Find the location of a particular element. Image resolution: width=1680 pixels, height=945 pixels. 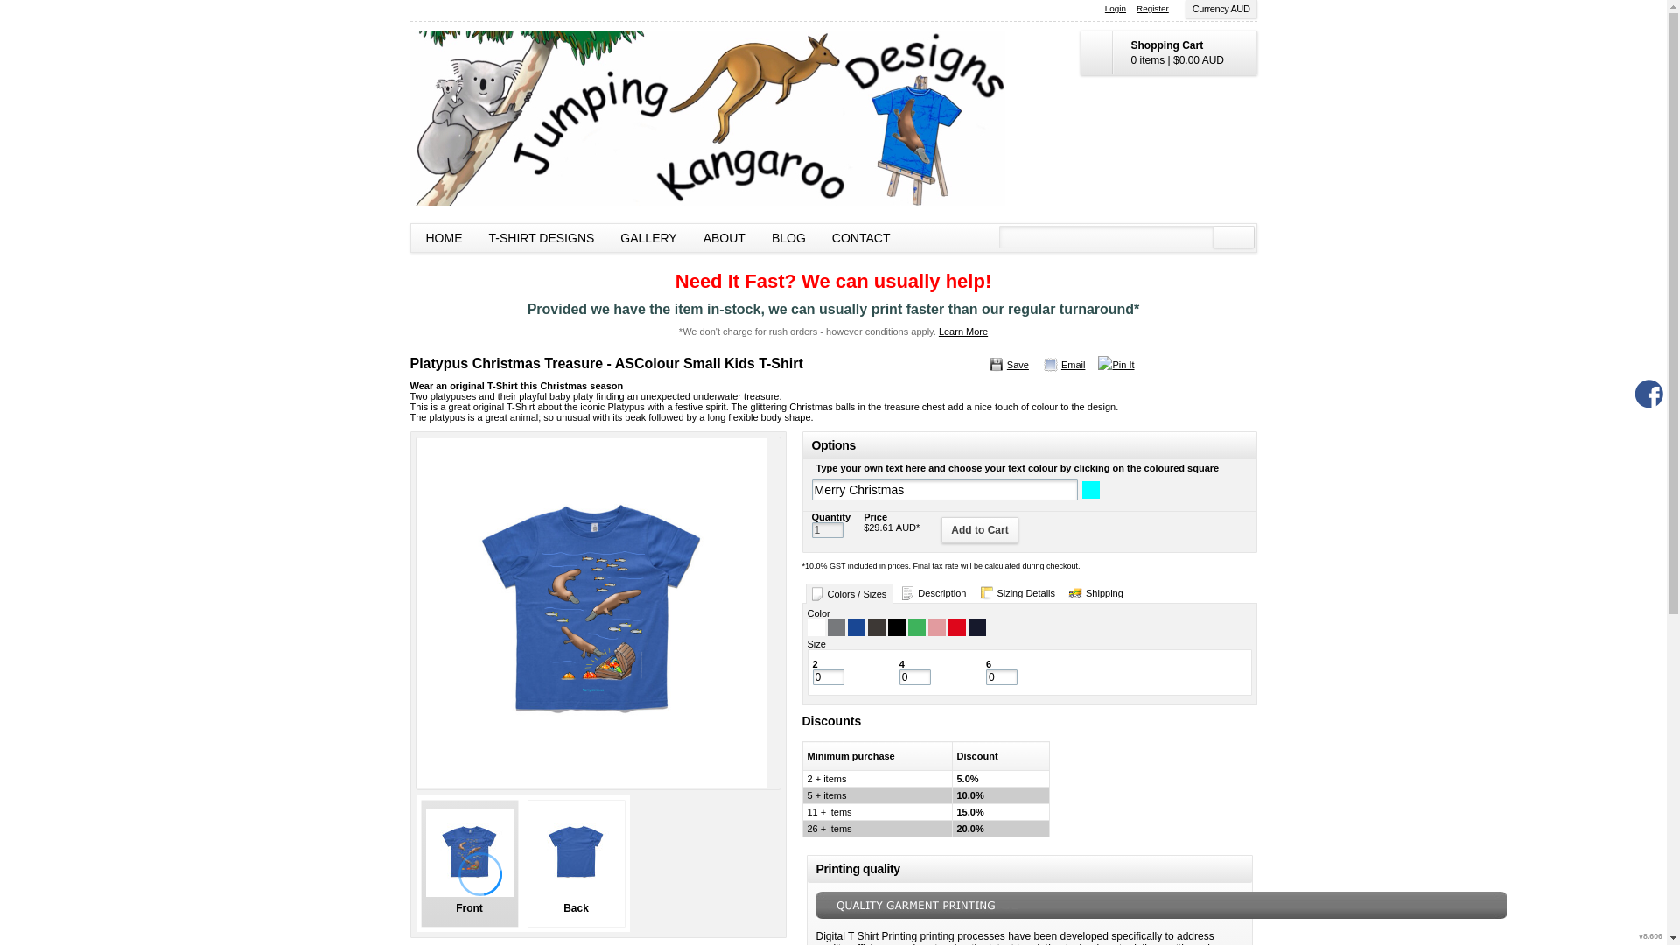

'Add to Cart' is located at coordinates (978, 528).